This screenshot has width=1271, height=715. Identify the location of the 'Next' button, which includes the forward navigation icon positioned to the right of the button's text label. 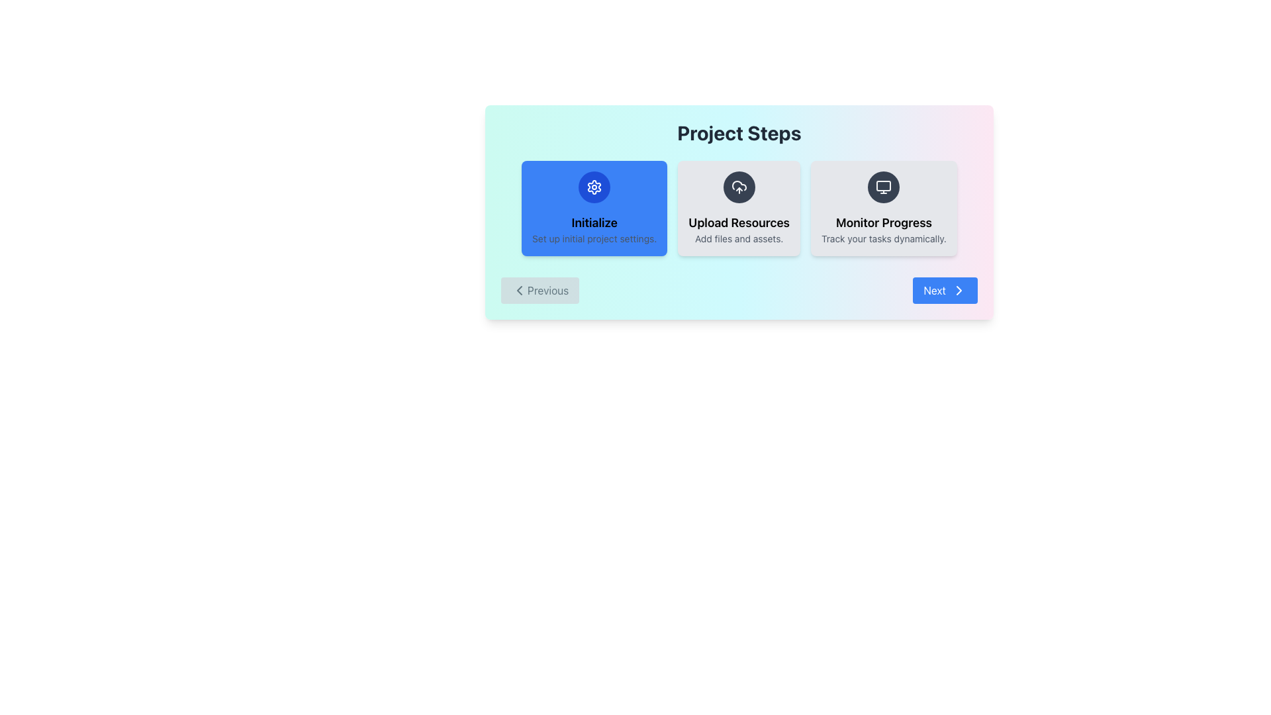
(959, 290).